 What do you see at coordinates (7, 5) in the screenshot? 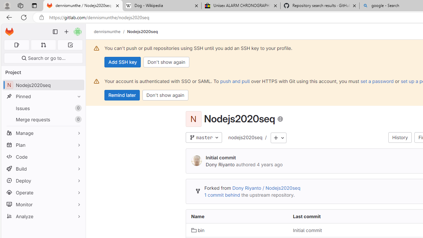
I see `'Personal Profile'` at bounding box center [7, 5].